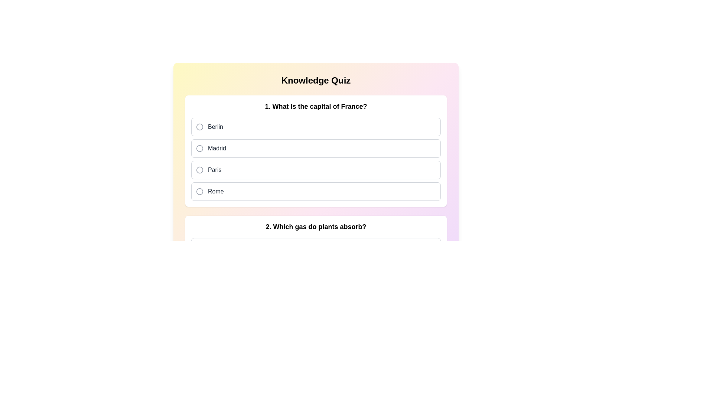 Image resolution: width=713 pixels, height=401 pixels. I want to click on the radio button indicator for the quiz option labeled 'Berlin', so click(199, 127).